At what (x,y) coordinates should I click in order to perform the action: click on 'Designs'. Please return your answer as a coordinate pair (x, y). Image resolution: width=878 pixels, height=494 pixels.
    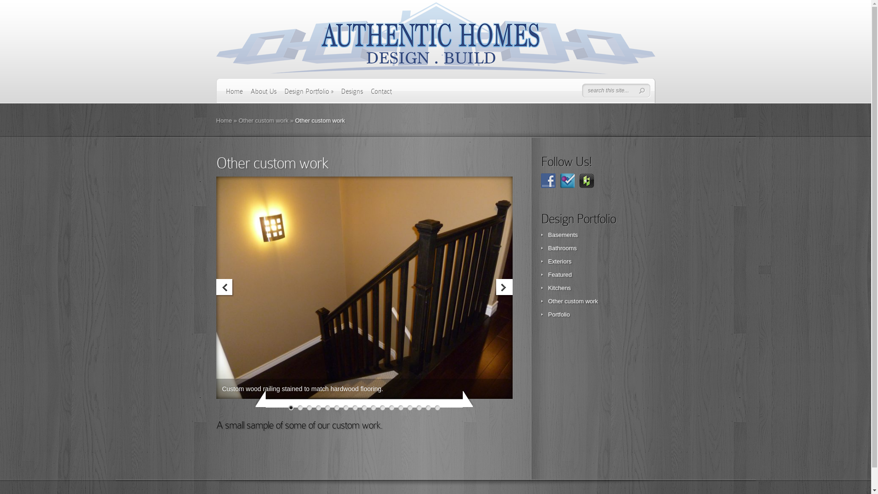
    Looking at the image, I should click on (351, 95).